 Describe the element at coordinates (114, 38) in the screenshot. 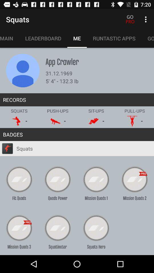

I see `runtastic apps item` at that location.